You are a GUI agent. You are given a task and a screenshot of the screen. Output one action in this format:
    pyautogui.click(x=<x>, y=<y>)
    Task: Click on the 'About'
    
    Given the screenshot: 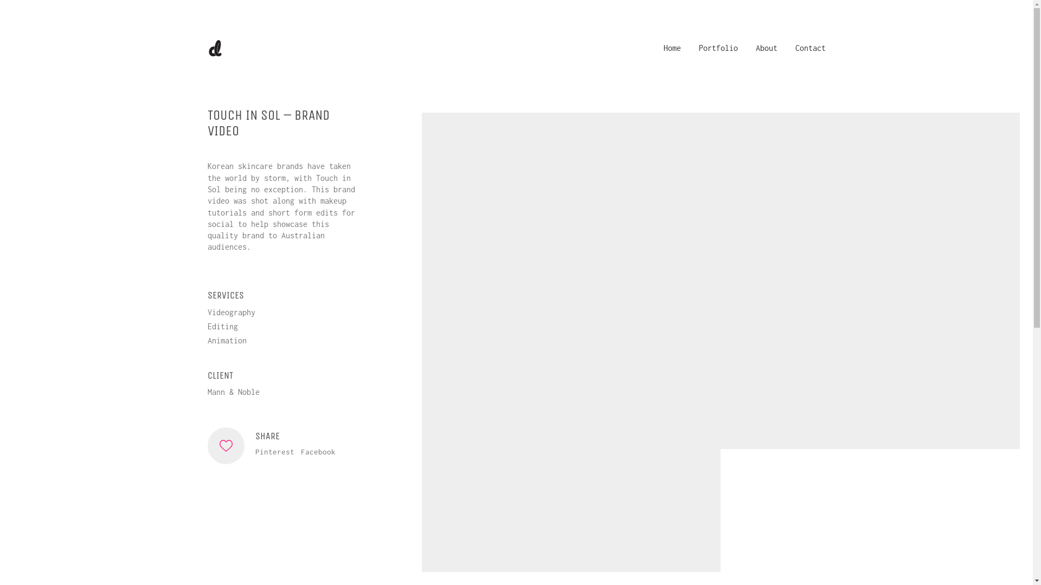 What is the action you would take?
    pyautogui.click(x=766, y=47)
    